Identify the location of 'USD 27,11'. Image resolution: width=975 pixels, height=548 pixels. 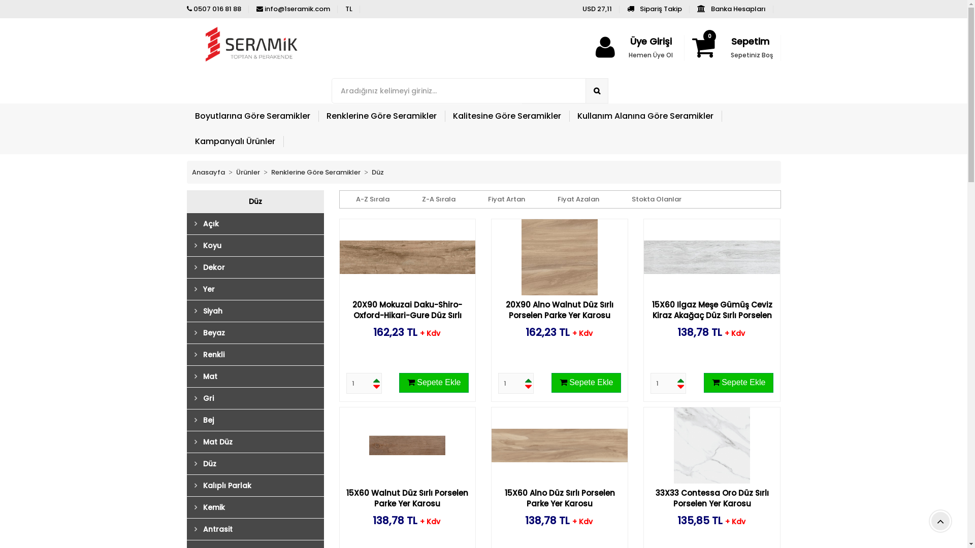
(597, 9).